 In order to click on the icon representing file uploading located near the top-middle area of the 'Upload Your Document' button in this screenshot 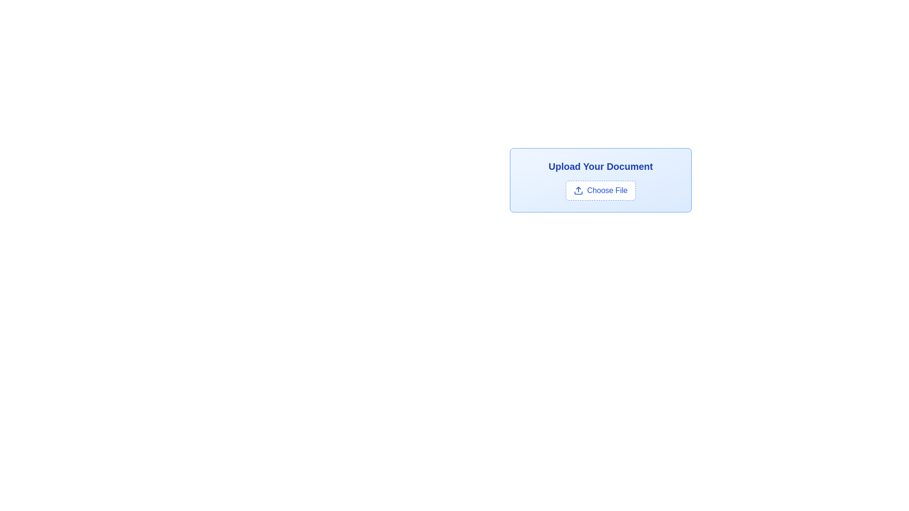, I will do `click(578, 193)`.